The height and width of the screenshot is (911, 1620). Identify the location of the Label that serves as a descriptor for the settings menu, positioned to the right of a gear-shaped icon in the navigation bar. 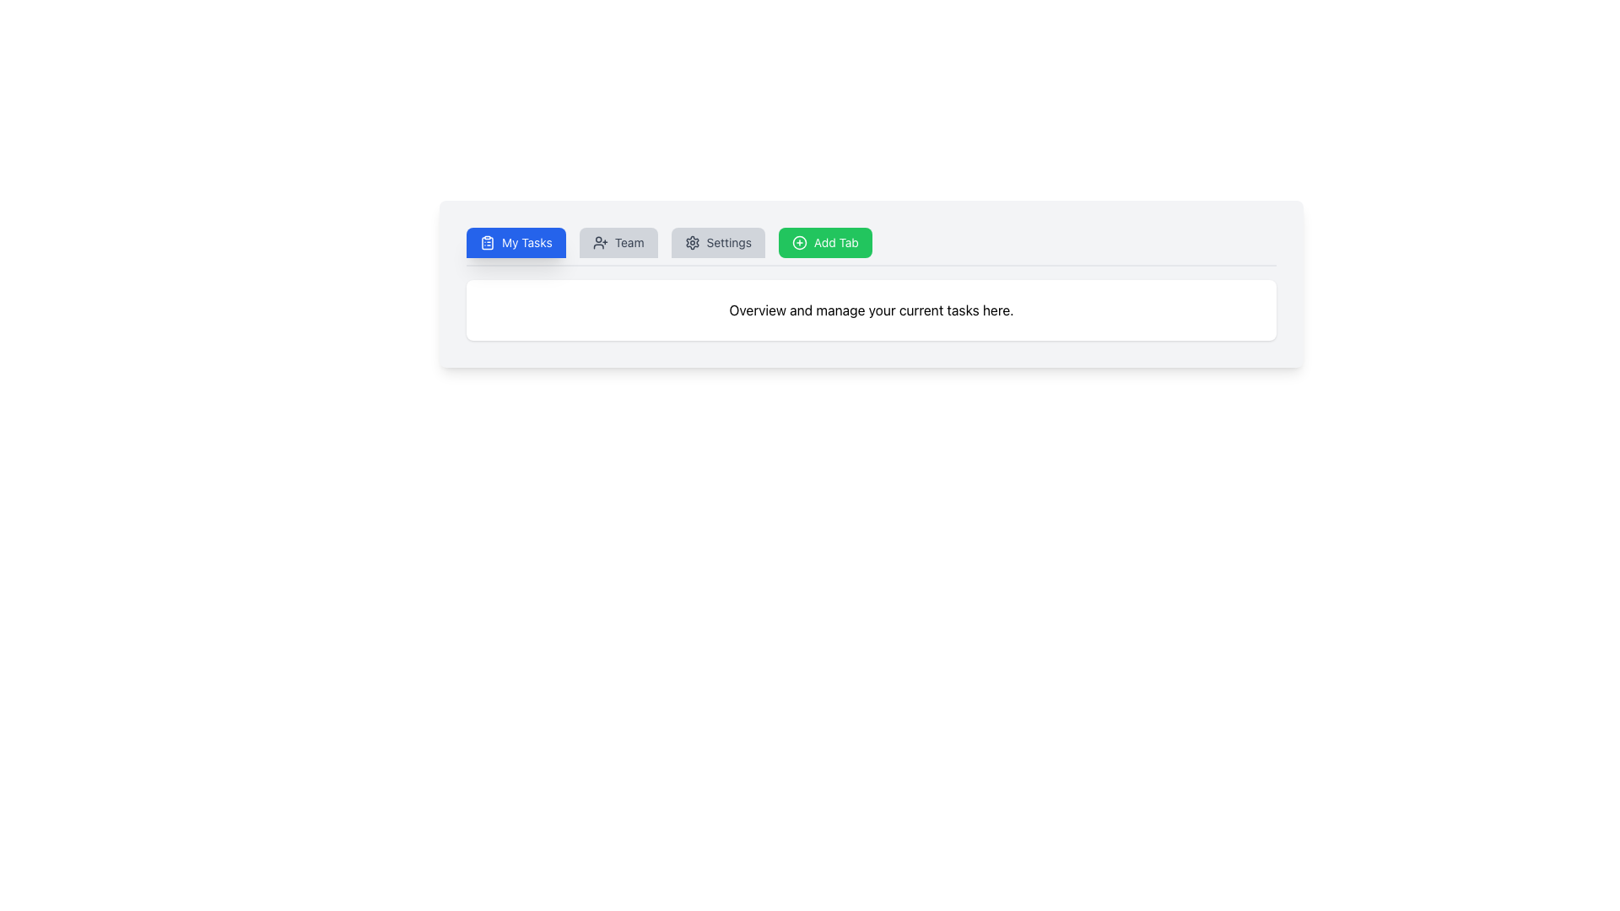
(729, 243).